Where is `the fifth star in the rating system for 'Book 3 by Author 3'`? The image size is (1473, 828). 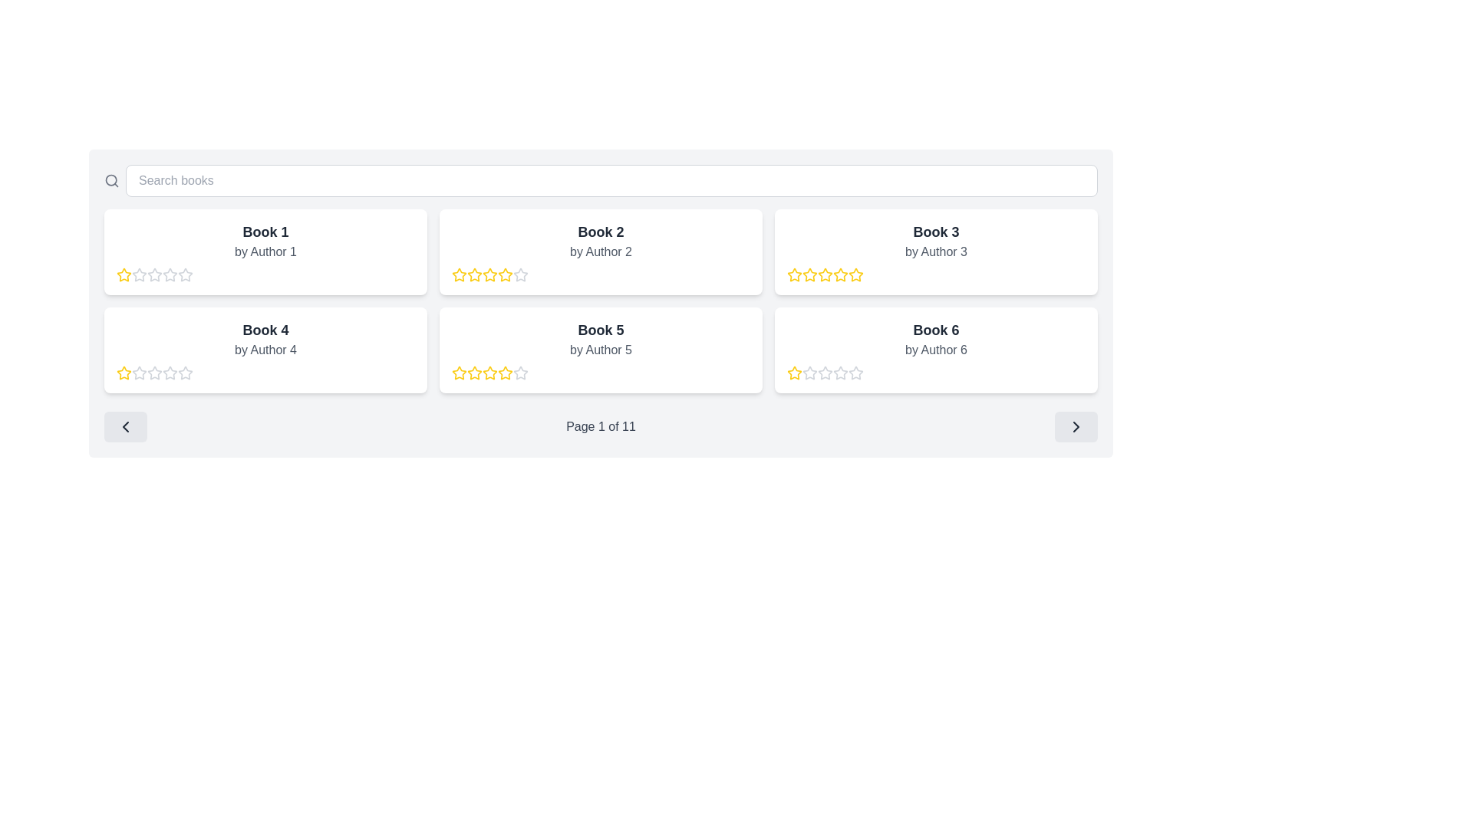 the fifth star in the rating system for 'Book 3 by Author 3' is located at coordinates (839, 274).